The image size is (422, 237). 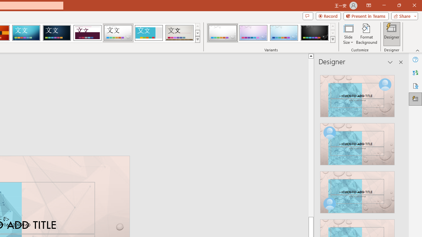 What do you see at coordinates (284, 33) in the screenshot?
I see `'Droplet Variant 3'` at bounding box center [284, 33].